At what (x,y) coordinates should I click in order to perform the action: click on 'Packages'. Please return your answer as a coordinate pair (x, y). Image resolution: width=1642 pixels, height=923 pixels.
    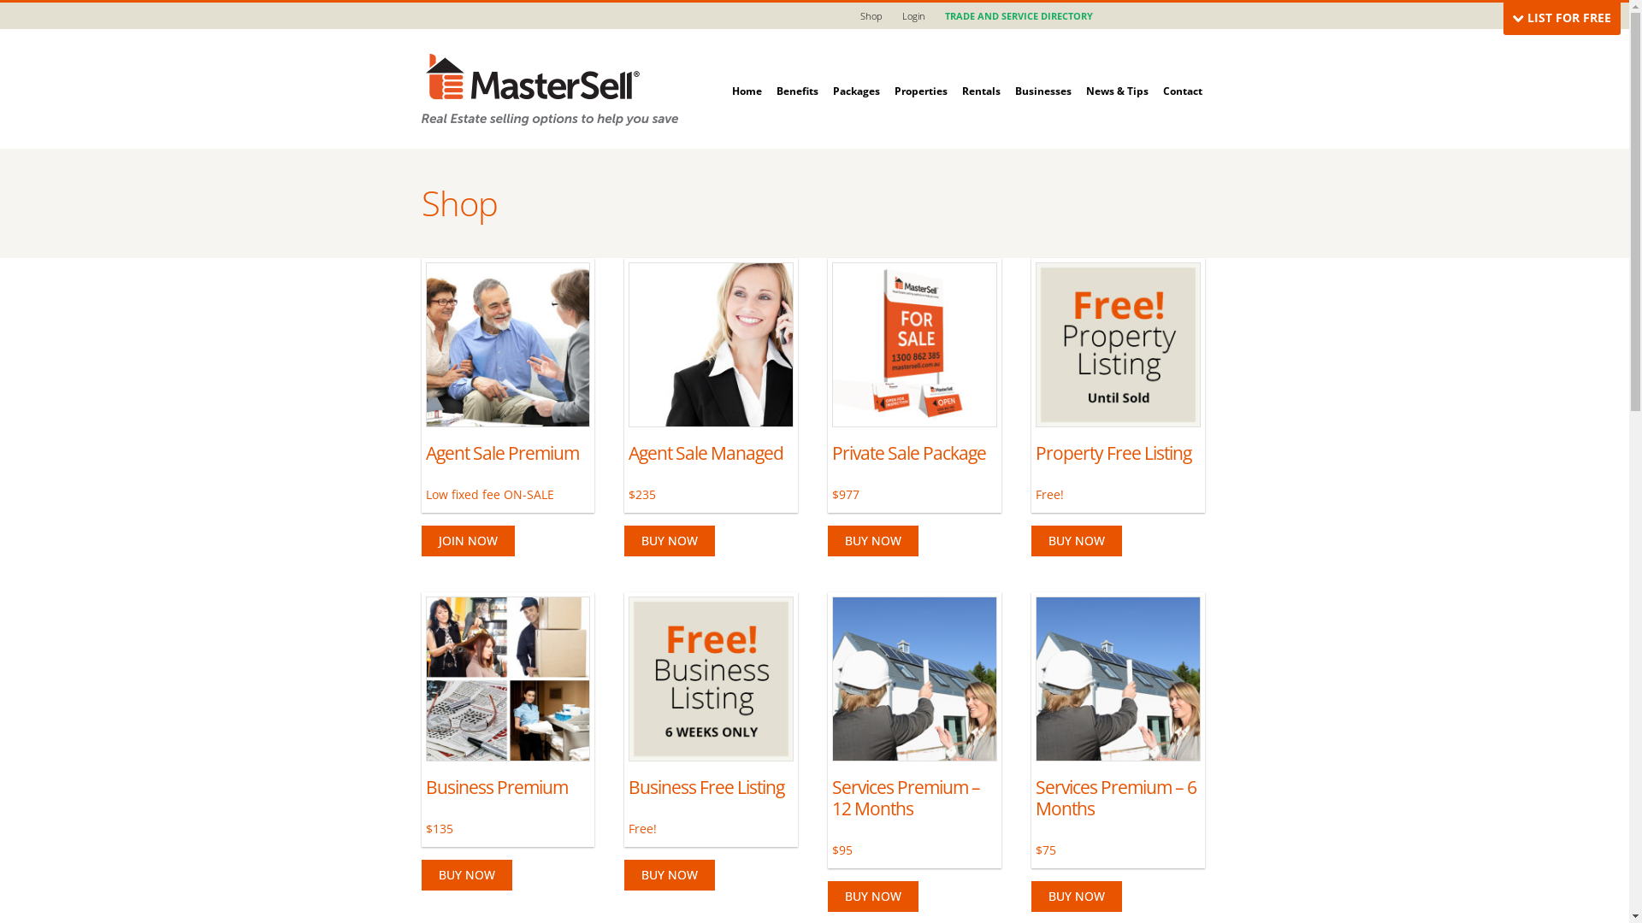
    Looking at the image, I should click on (856, 72).